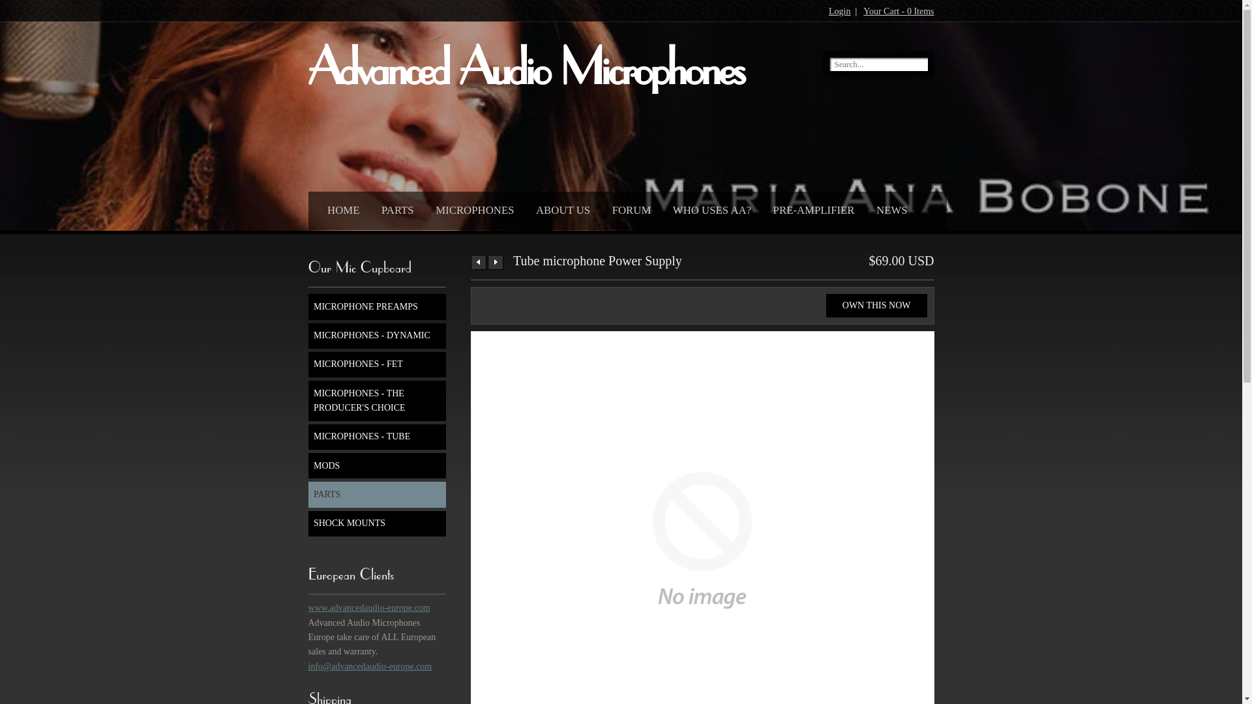 This screenshot has width=1252, height=704. Describe the element at coordinates (376, 335) in the screenshot. I see `'MICROPHONES - DYNAMIC'` at that location.